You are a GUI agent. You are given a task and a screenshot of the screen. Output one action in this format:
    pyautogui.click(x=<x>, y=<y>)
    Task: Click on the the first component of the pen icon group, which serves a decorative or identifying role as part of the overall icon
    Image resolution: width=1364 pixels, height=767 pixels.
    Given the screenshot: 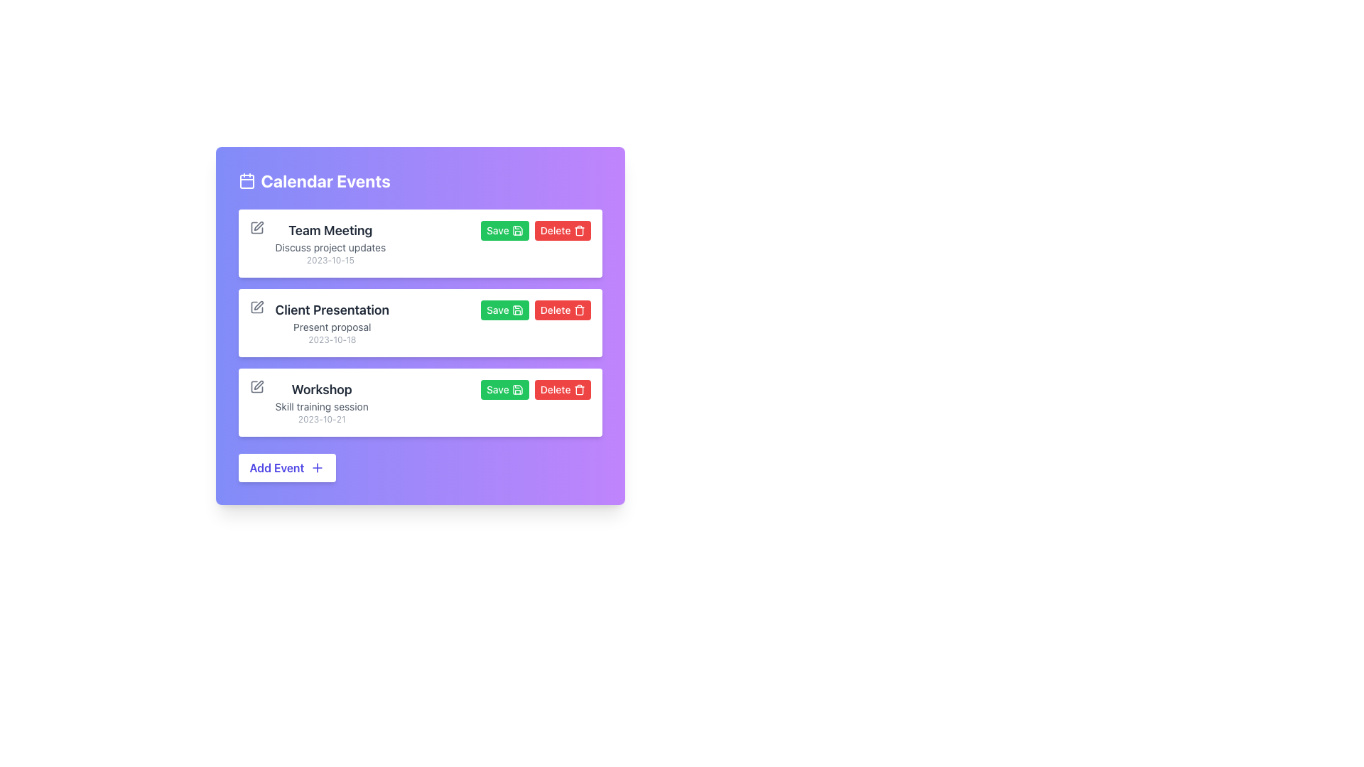 What is the action you would take?
    pyautogui.click(x=256, y=306)
    